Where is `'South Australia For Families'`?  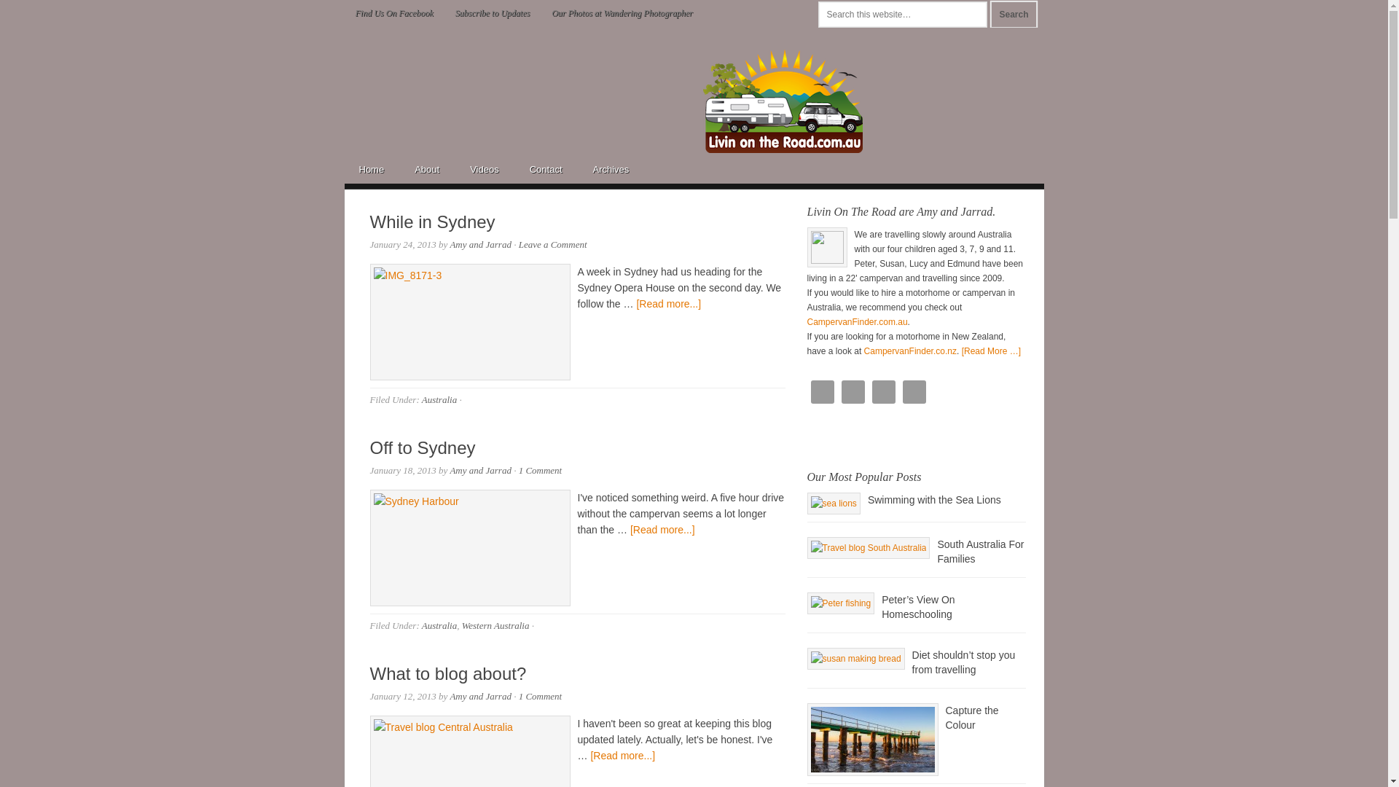 'South Australia For Families' is located at coordinates (980, 551).